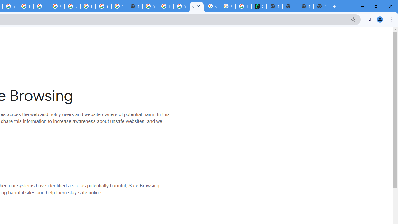 This screenshot has height=224, width=398. I want to click on 'Google Cloud Platform', so click(72, 6).